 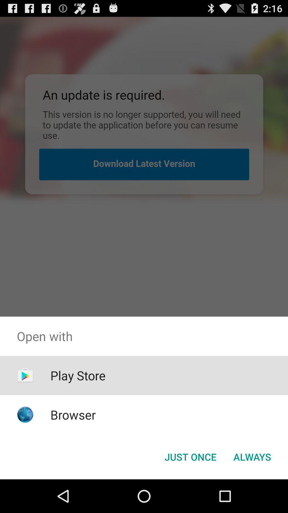 What do you see at coordinates (252, 456) in the screenshot?
I see `item at the bottom right corner` at bounding box center [252, 456].